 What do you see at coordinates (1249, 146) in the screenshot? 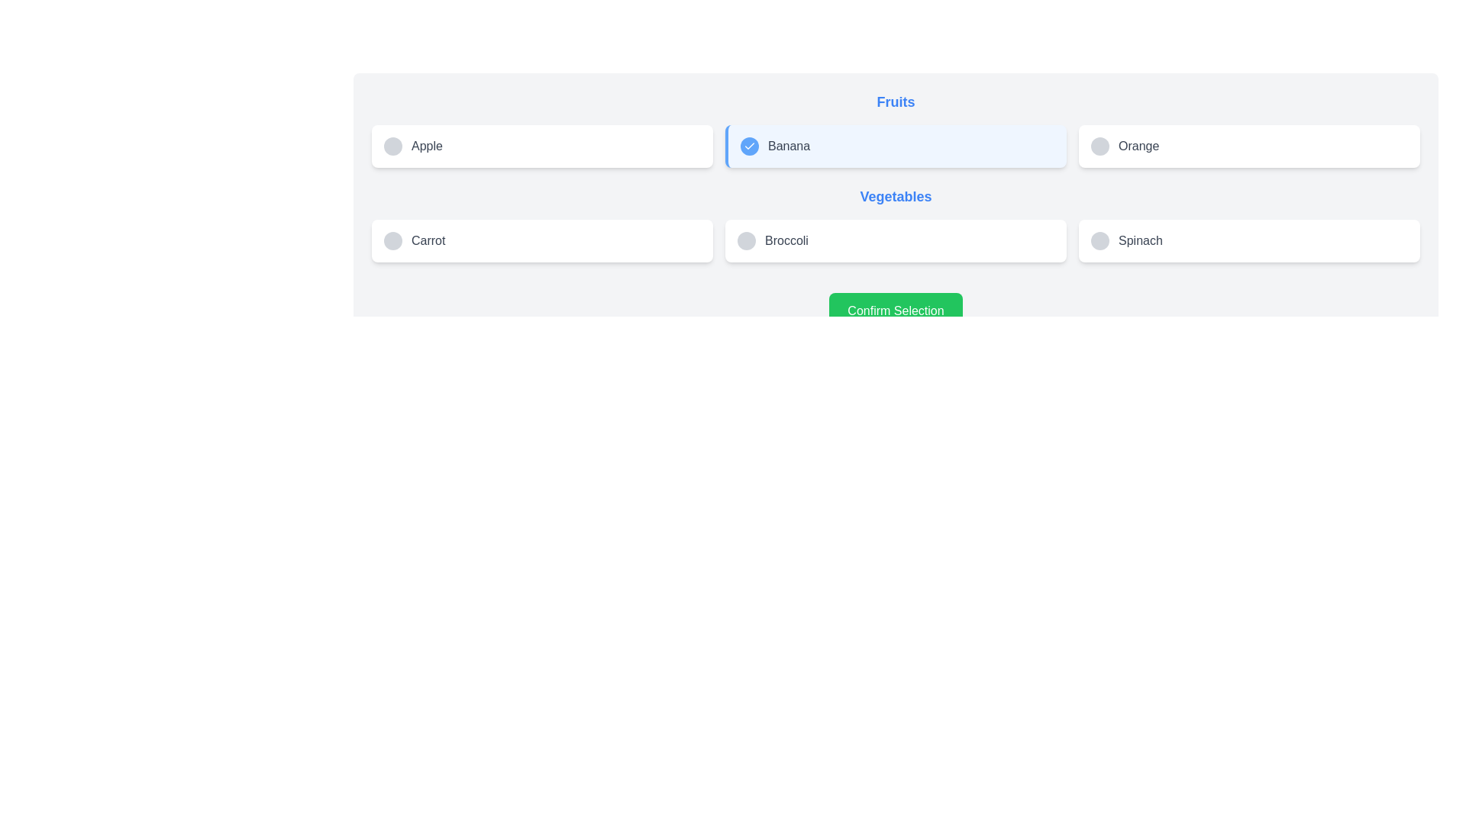
I see `the 'Orange' clickable card option selector, which is the third option in the Fruits category grid` at bounding box center [1249, 146].